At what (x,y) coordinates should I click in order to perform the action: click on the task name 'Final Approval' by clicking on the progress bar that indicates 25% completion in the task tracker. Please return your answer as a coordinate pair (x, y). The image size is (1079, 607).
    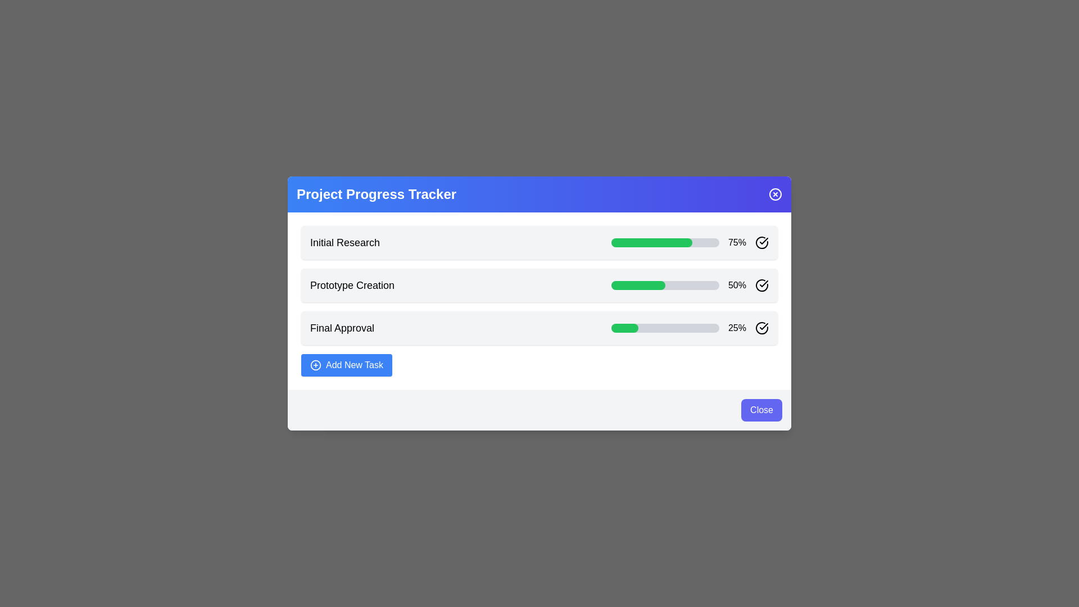
    Looking at the image, I should click on (539, 328).